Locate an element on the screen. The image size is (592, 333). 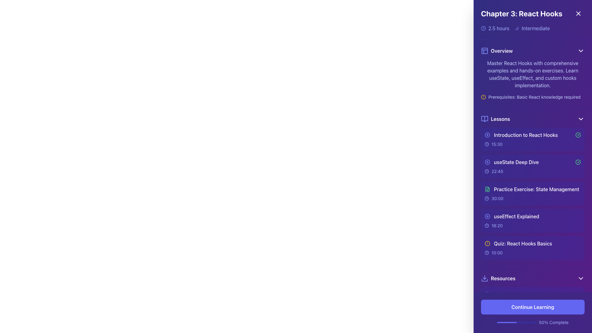
the text label that displays 'Resources', which is styled in bold and positioned next to a download icon on a purple background is located at coordinates (503, 278).